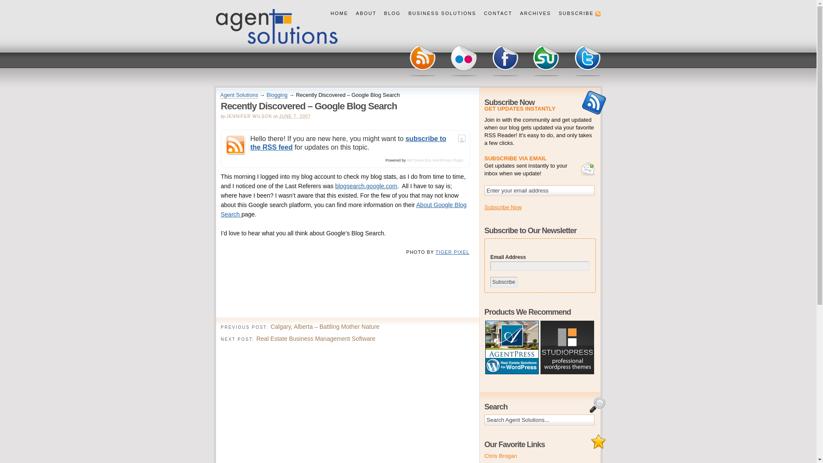 The image size is (823, 463). I want to click on 'Blogging', so click(266, 95).